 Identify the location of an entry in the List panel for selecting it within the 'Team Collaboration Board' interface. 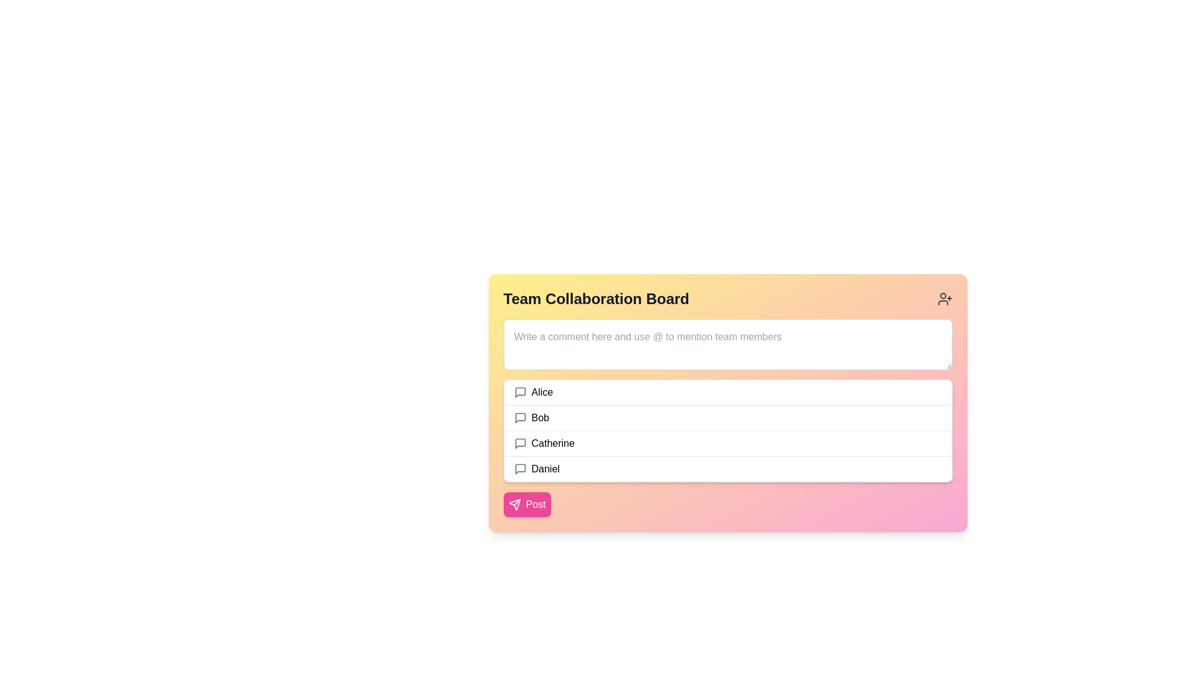
(728, 430).